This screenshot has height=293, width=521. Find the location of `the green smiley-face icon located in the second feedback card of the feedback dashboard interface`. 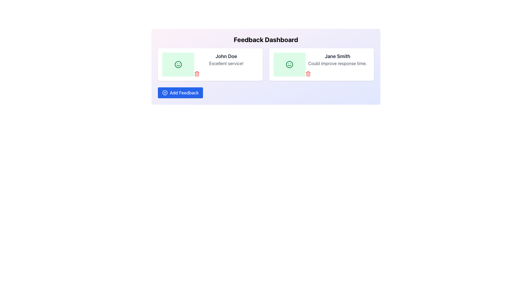

the green smiley-face icon located in the second feedback card of the feedback dashboard interface is located at coordinates (289, 64).